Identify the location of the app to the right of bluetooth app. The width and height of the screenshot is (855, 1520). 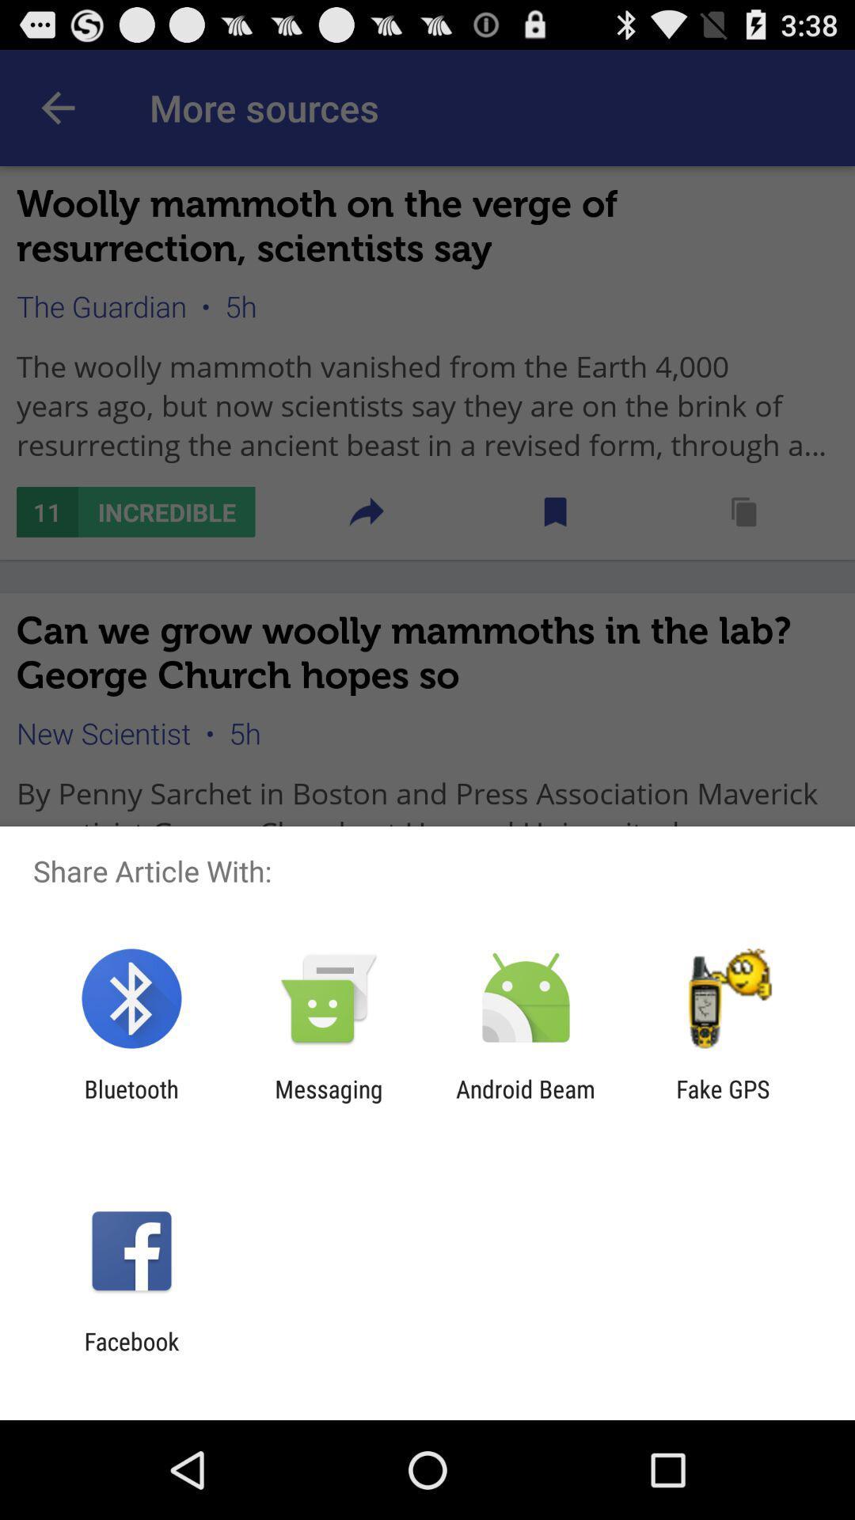
(328, 1102).